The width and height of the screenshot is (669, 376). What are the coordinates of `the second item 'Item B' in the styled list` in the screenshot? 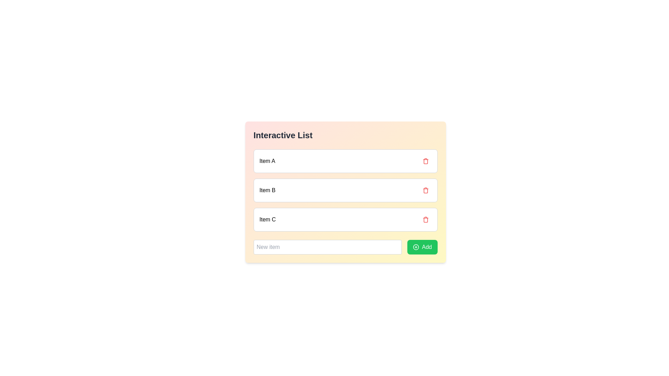 It's located at (345, 192).